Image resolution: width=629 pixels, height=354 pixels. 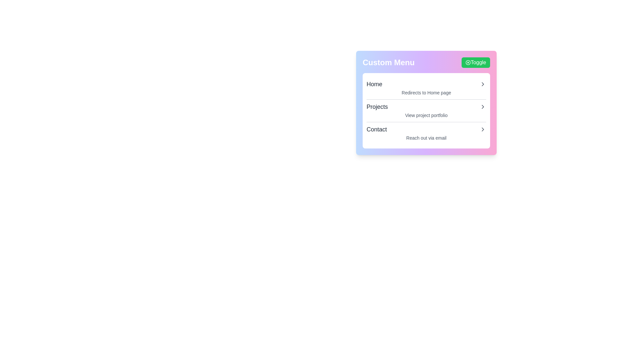 What do you see at coordinates (426, 129) in the screenshot?
I see `the menu item Contact` at bounding box center [426, 129].